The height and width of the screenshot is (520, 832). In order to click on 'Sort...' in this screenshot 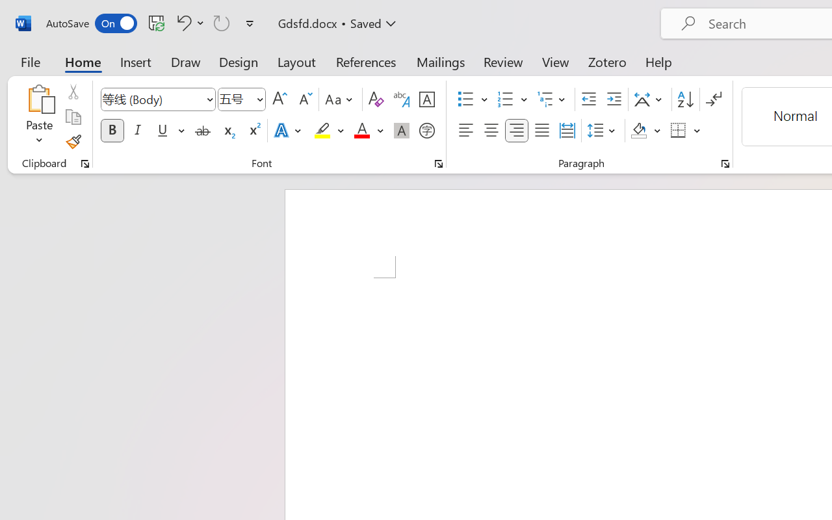, I will do `click(684, 99)`.